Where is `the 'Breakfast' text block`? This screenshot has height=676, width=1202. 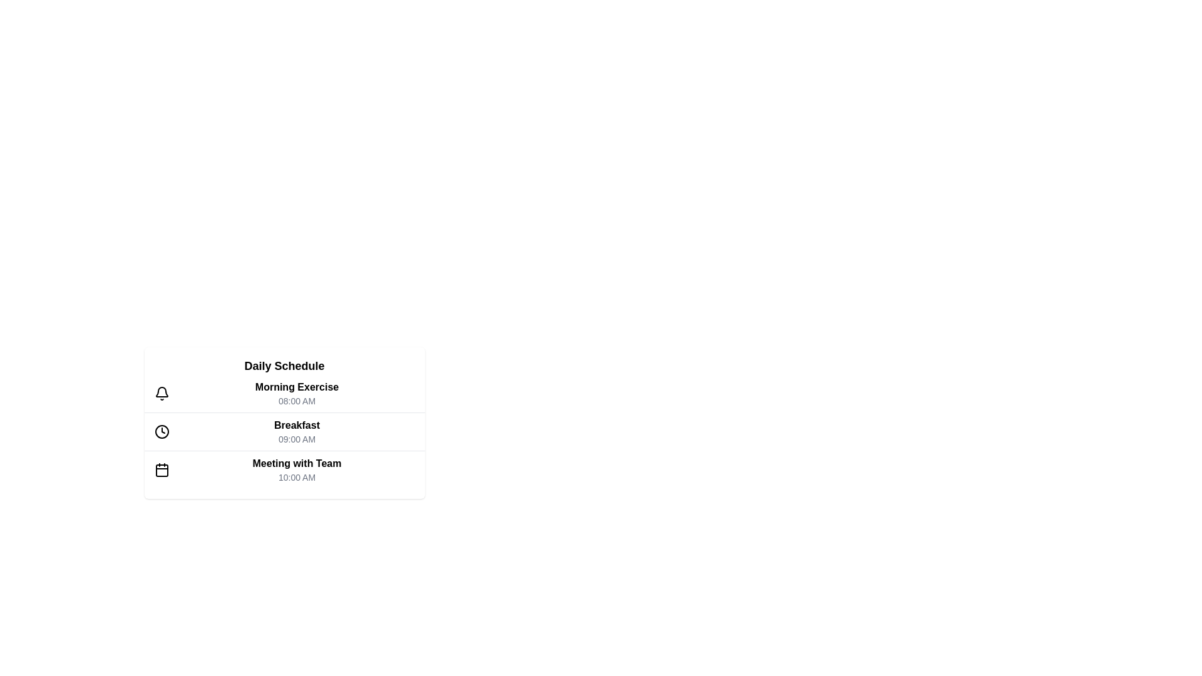 the 'Breakfast' text block is located at coordinates (296, 431).